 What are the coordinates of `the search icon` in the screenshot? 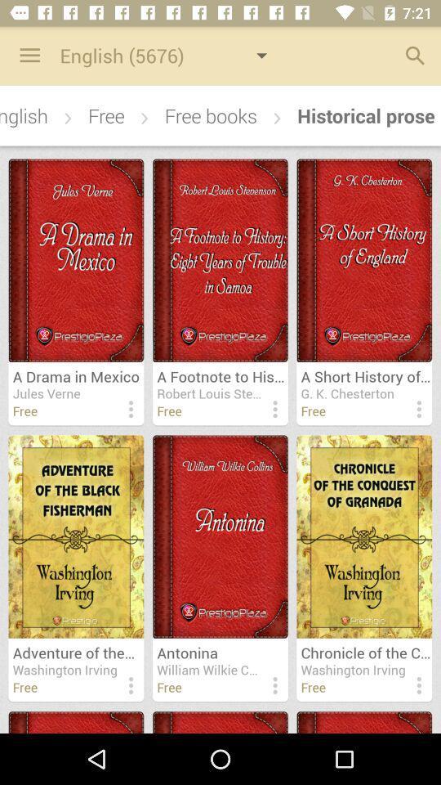 It's located at (410, 57).